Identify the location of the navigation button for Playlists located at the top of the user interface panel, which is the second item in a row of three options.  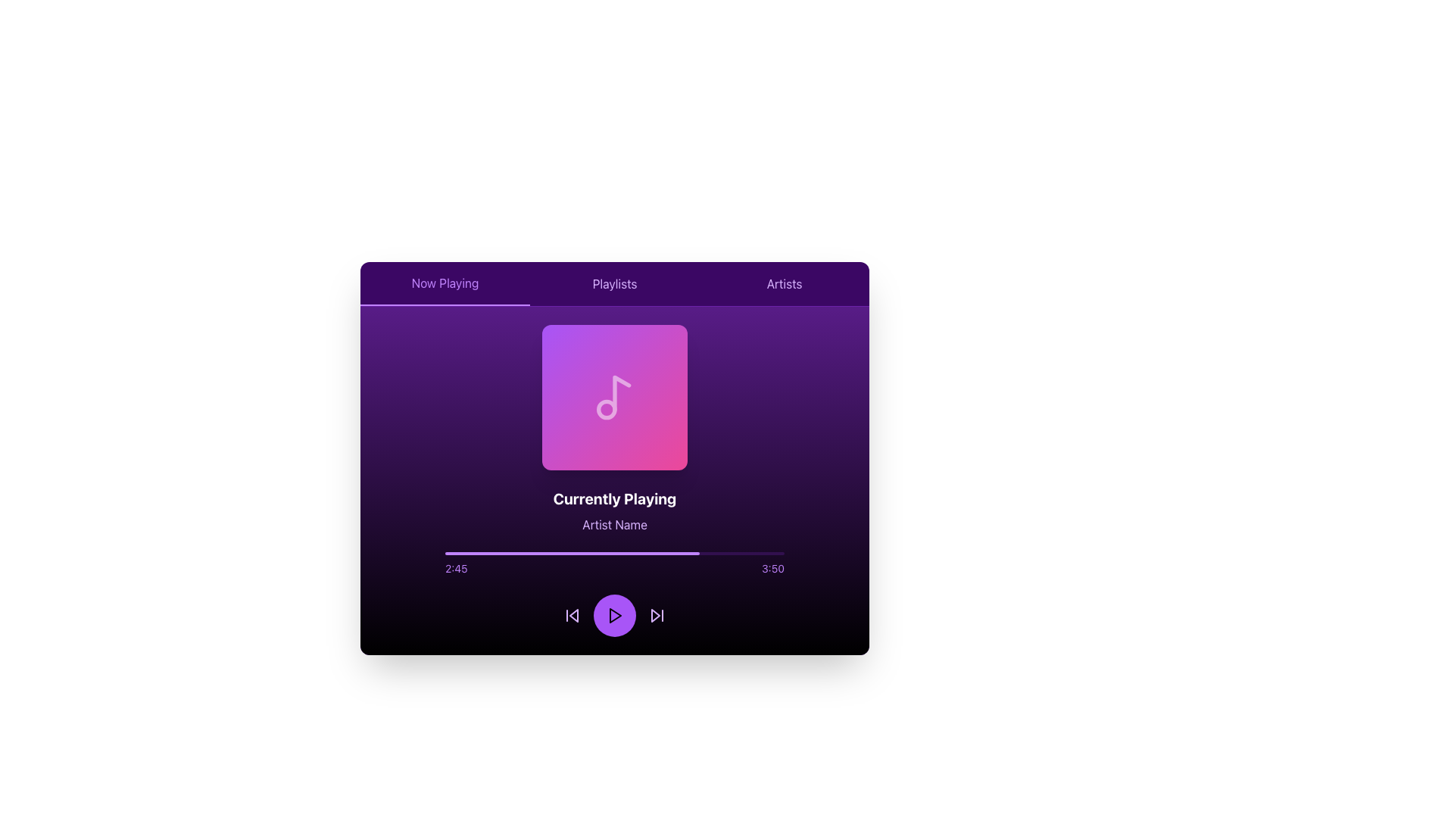
(614, 283).